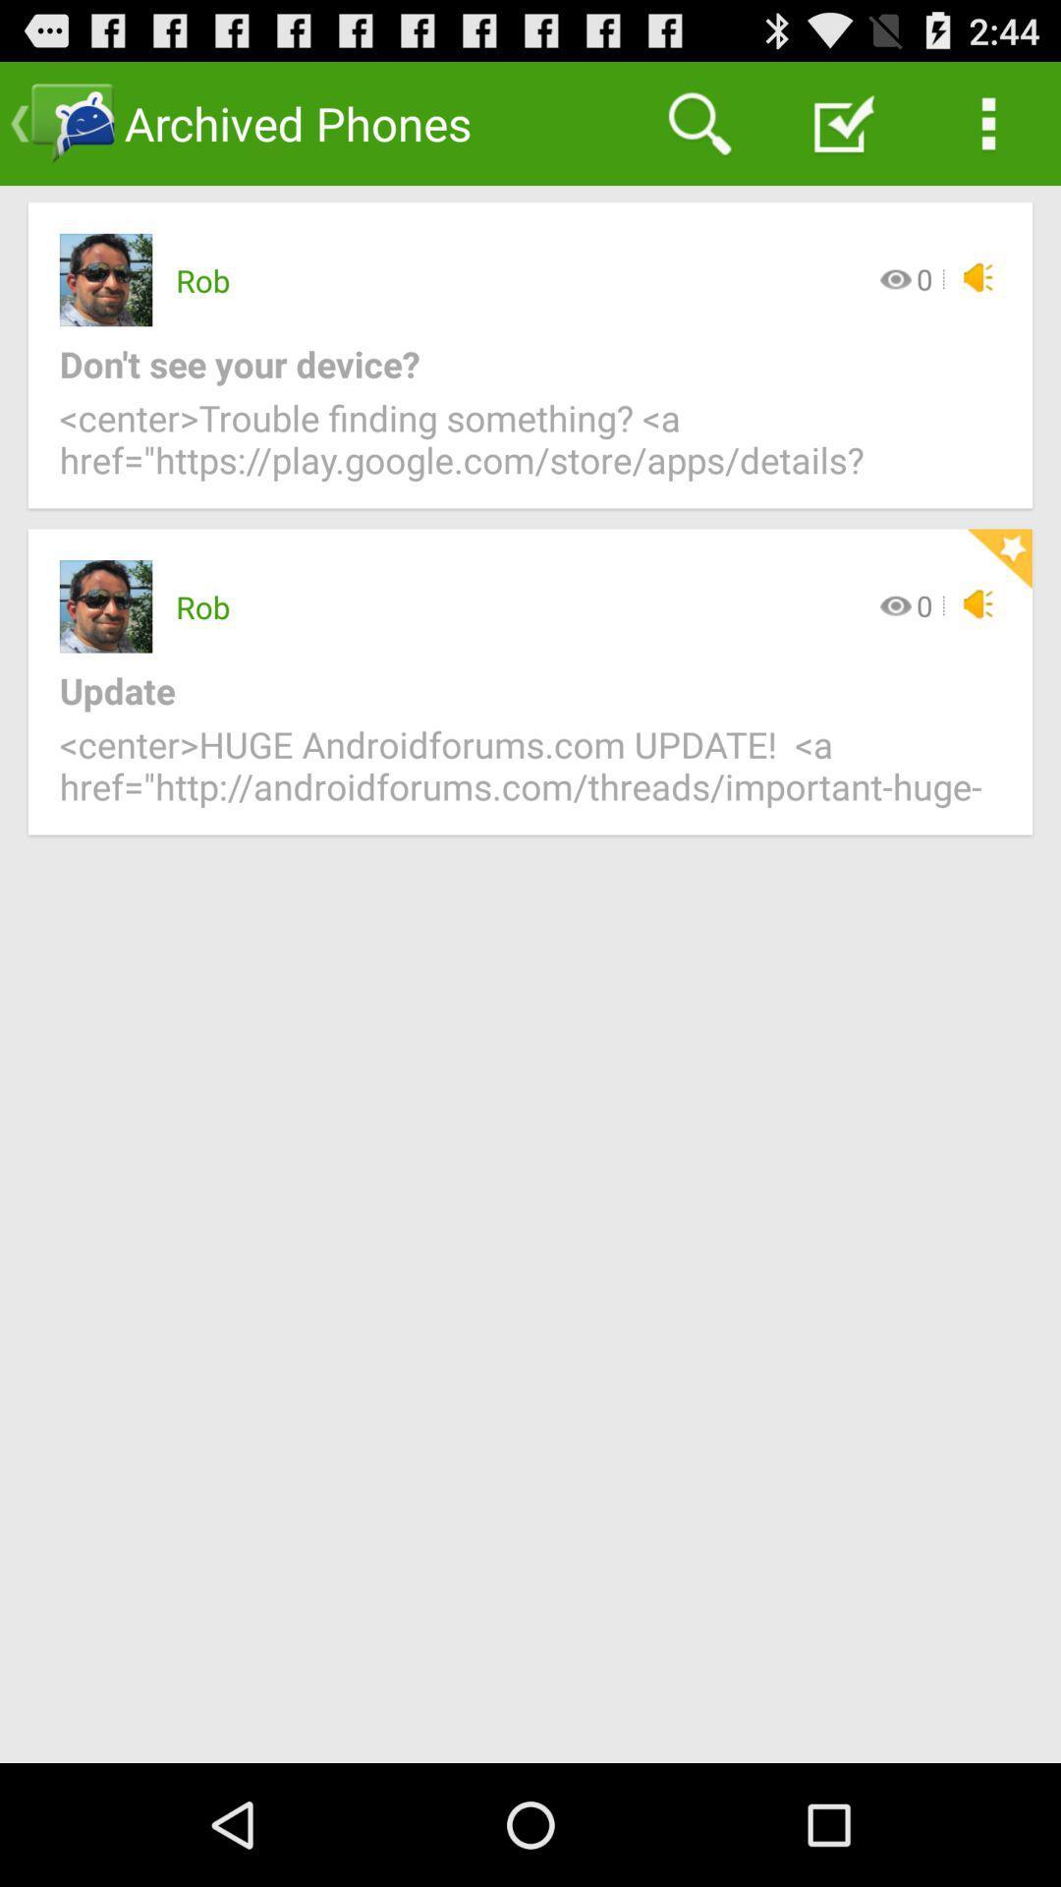  What do you see at coordinates (530, 776) in the screenshot?
I see `the center huge androidforums item` at bounding box center [530, 776].